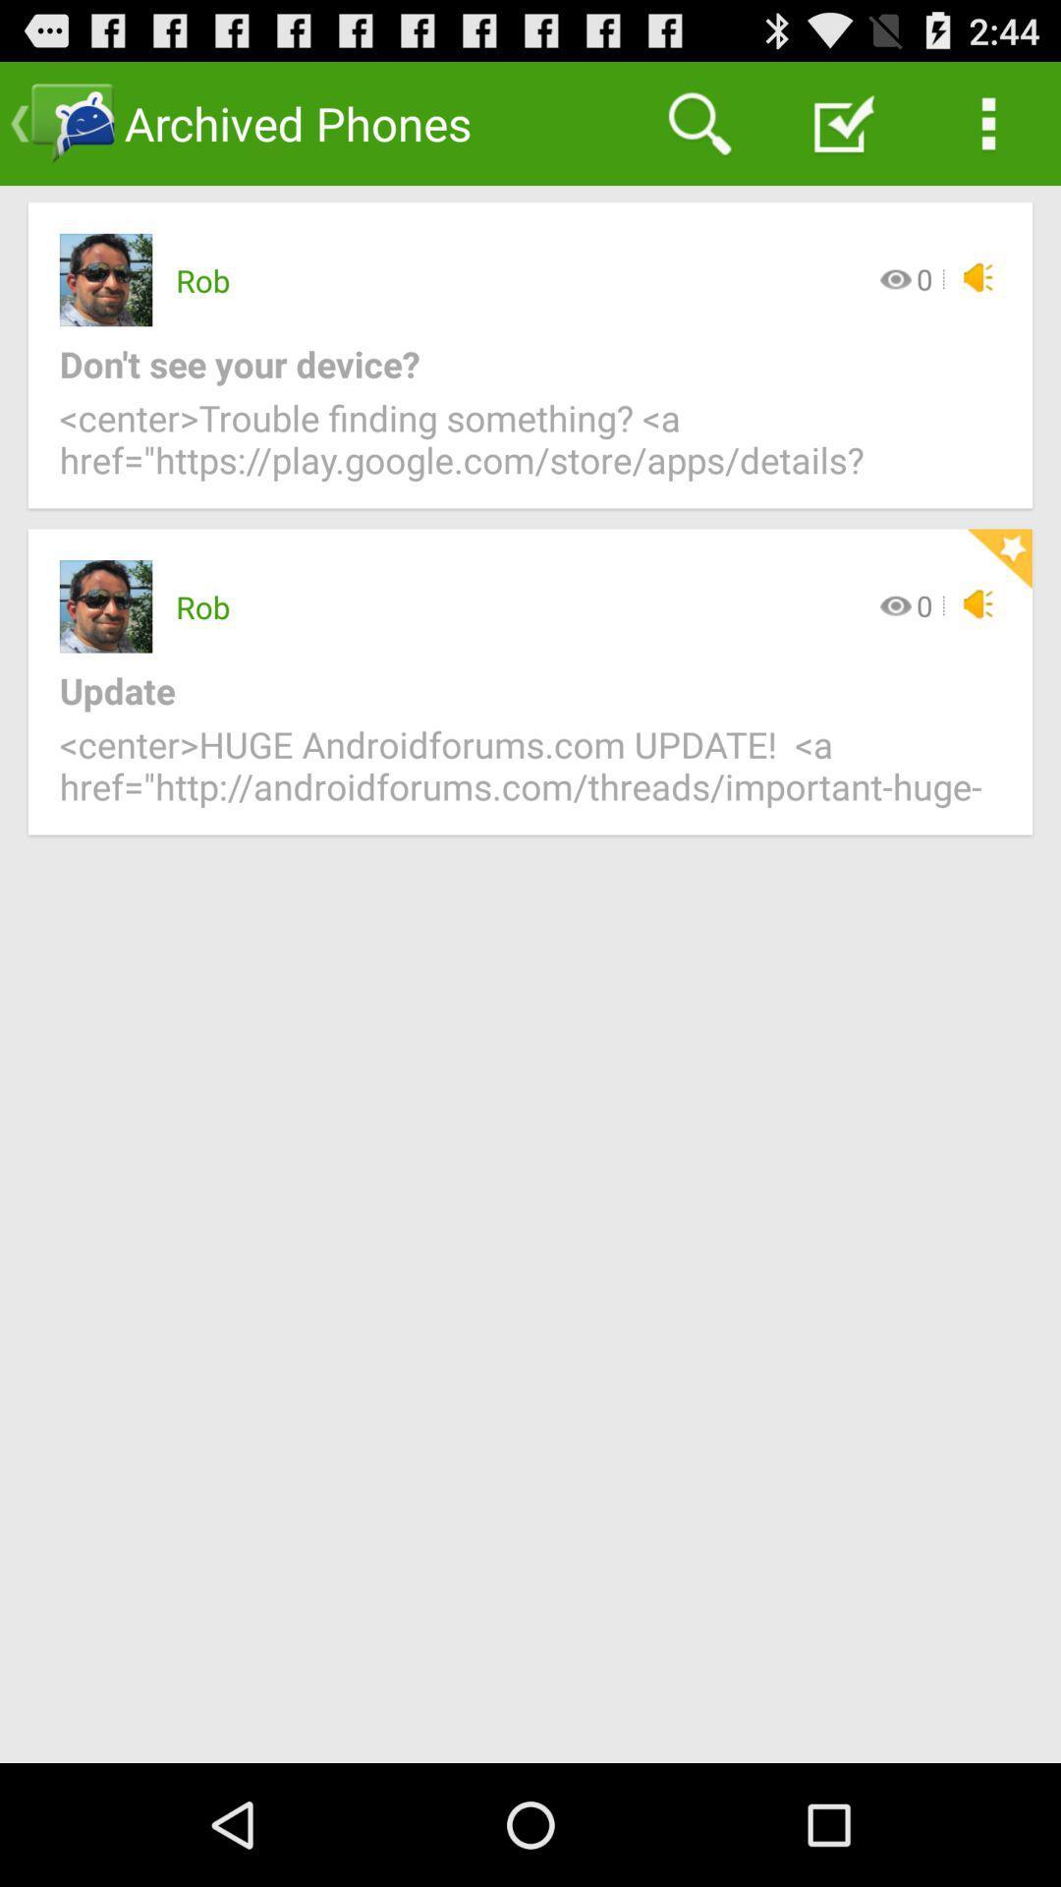  What do you see at coordinates (530, 776) in the screenshot?
I see `the center huge androidforums item` at bounding box center [530, 776].